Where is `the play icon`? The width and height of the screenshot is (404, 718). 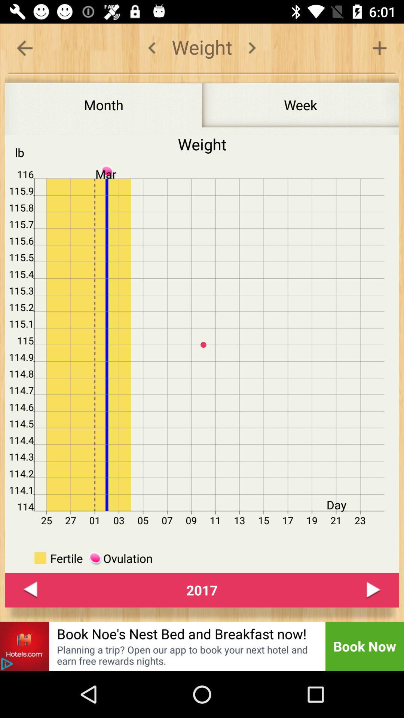 the play icon is located at coordinates (374, 590).